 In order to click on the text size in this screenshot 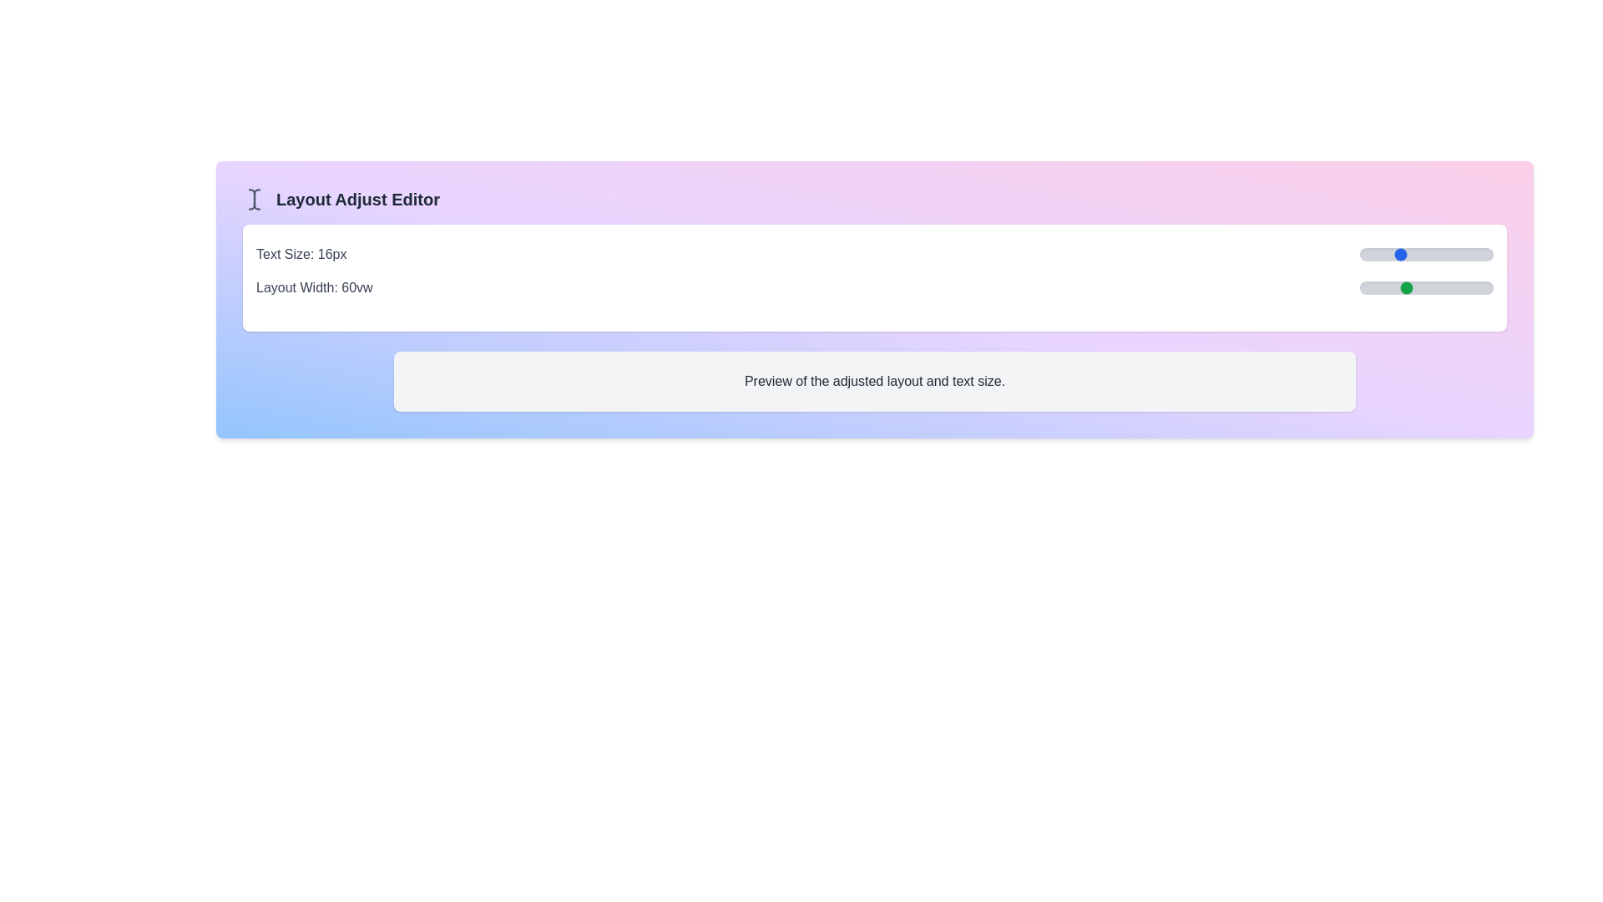, I will do `click(1407, 254)`.